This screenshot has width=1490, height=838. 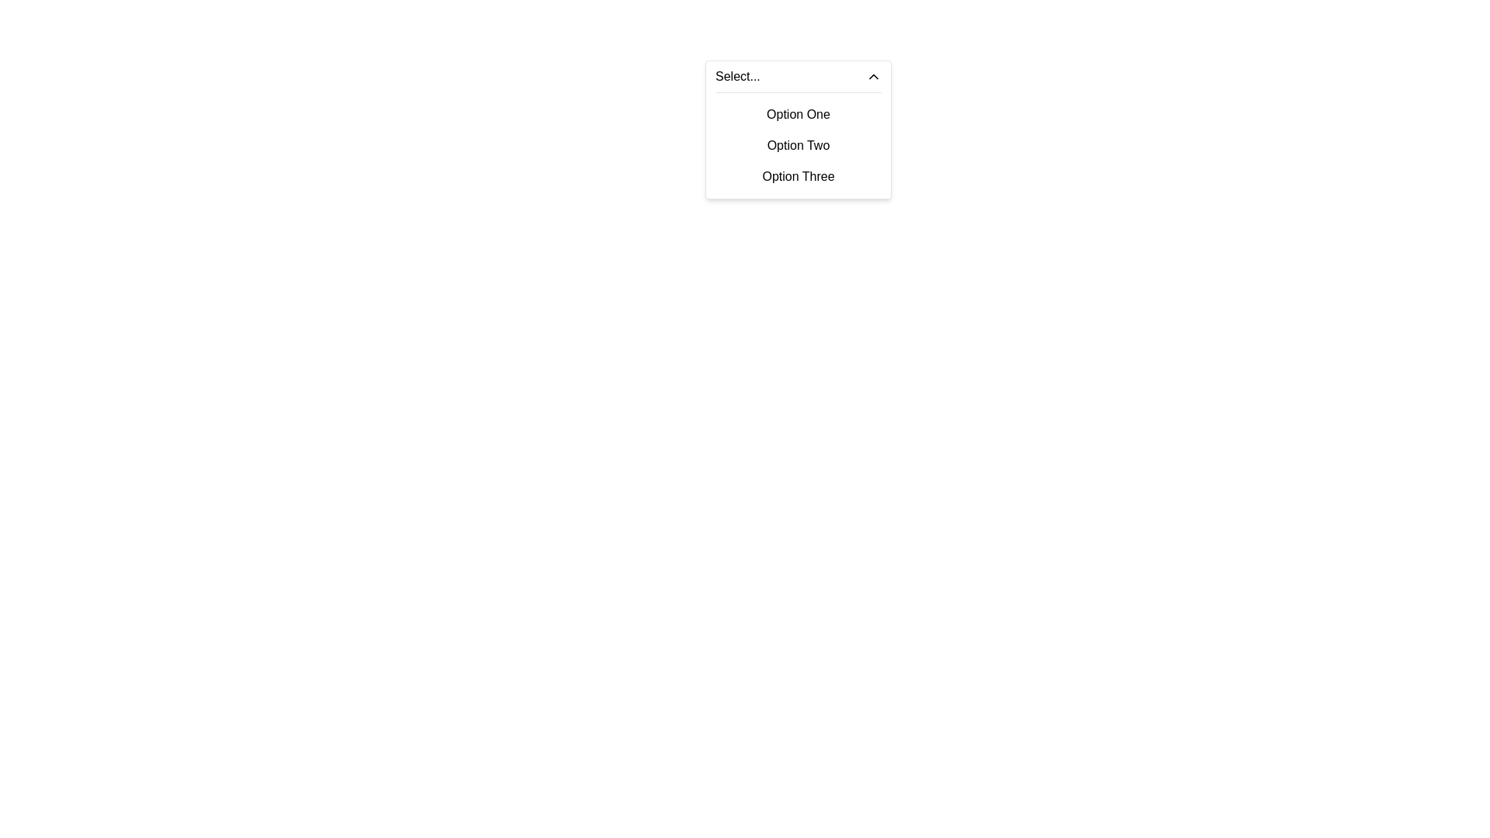 I want to click on the second option within the dropdown menu, so click(x=798, y=146).